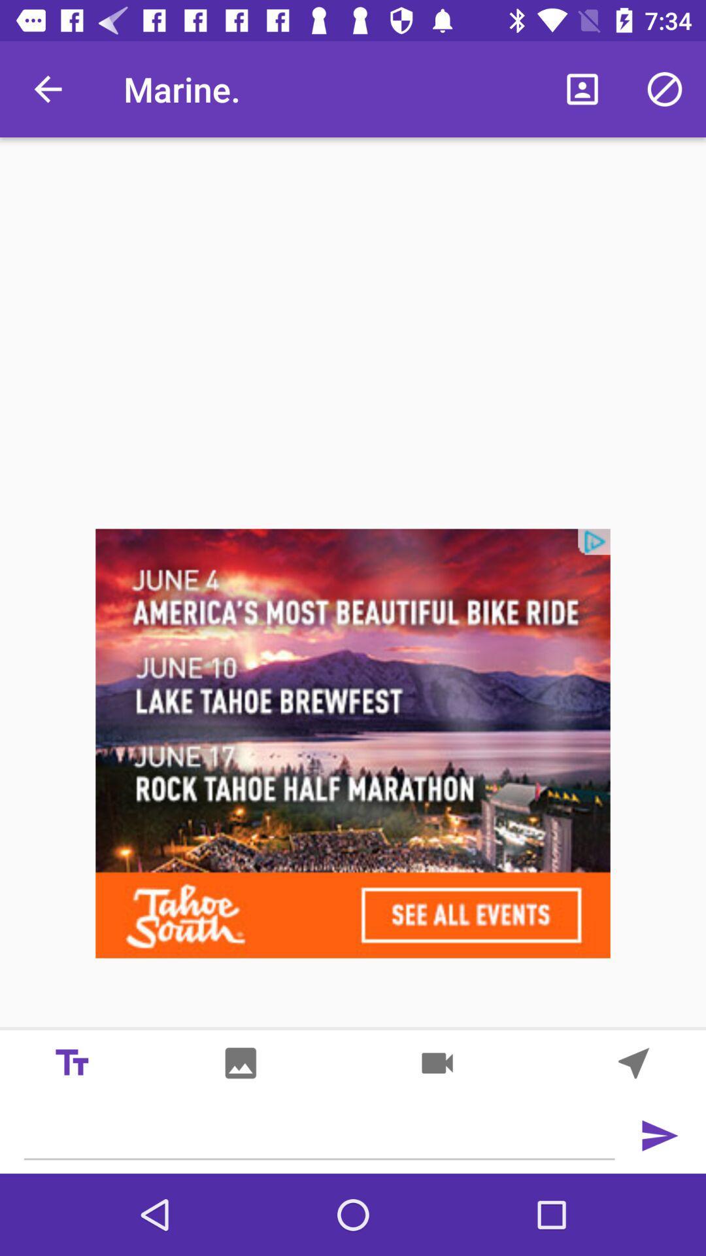 This screenshot has height=1256, width=706. Describe the element at coordinates (633, 1063) in the screenshot. I see `next option` at that location.